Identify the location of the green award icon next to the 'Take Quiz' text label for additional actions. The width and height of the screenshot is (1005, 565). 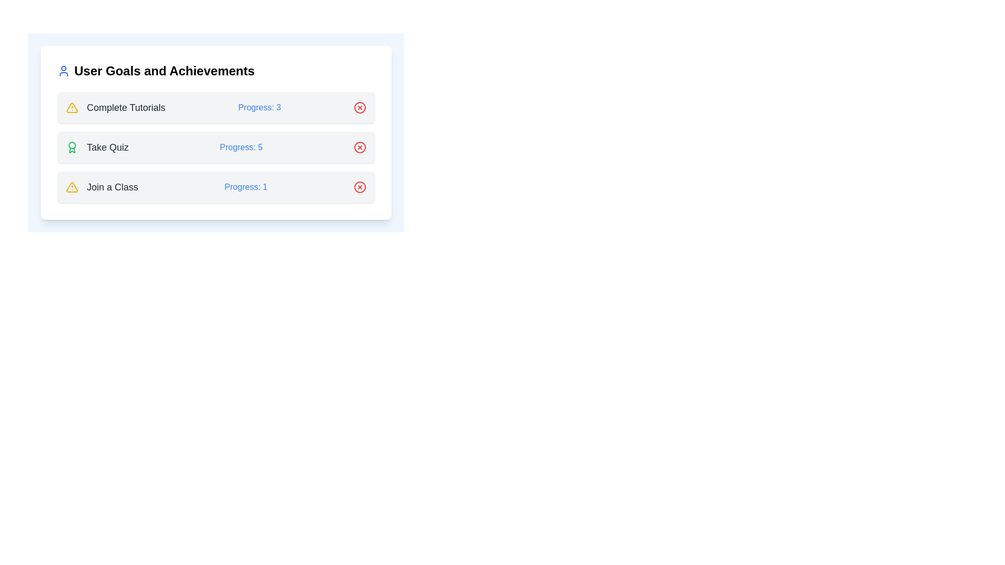
(97, 147).